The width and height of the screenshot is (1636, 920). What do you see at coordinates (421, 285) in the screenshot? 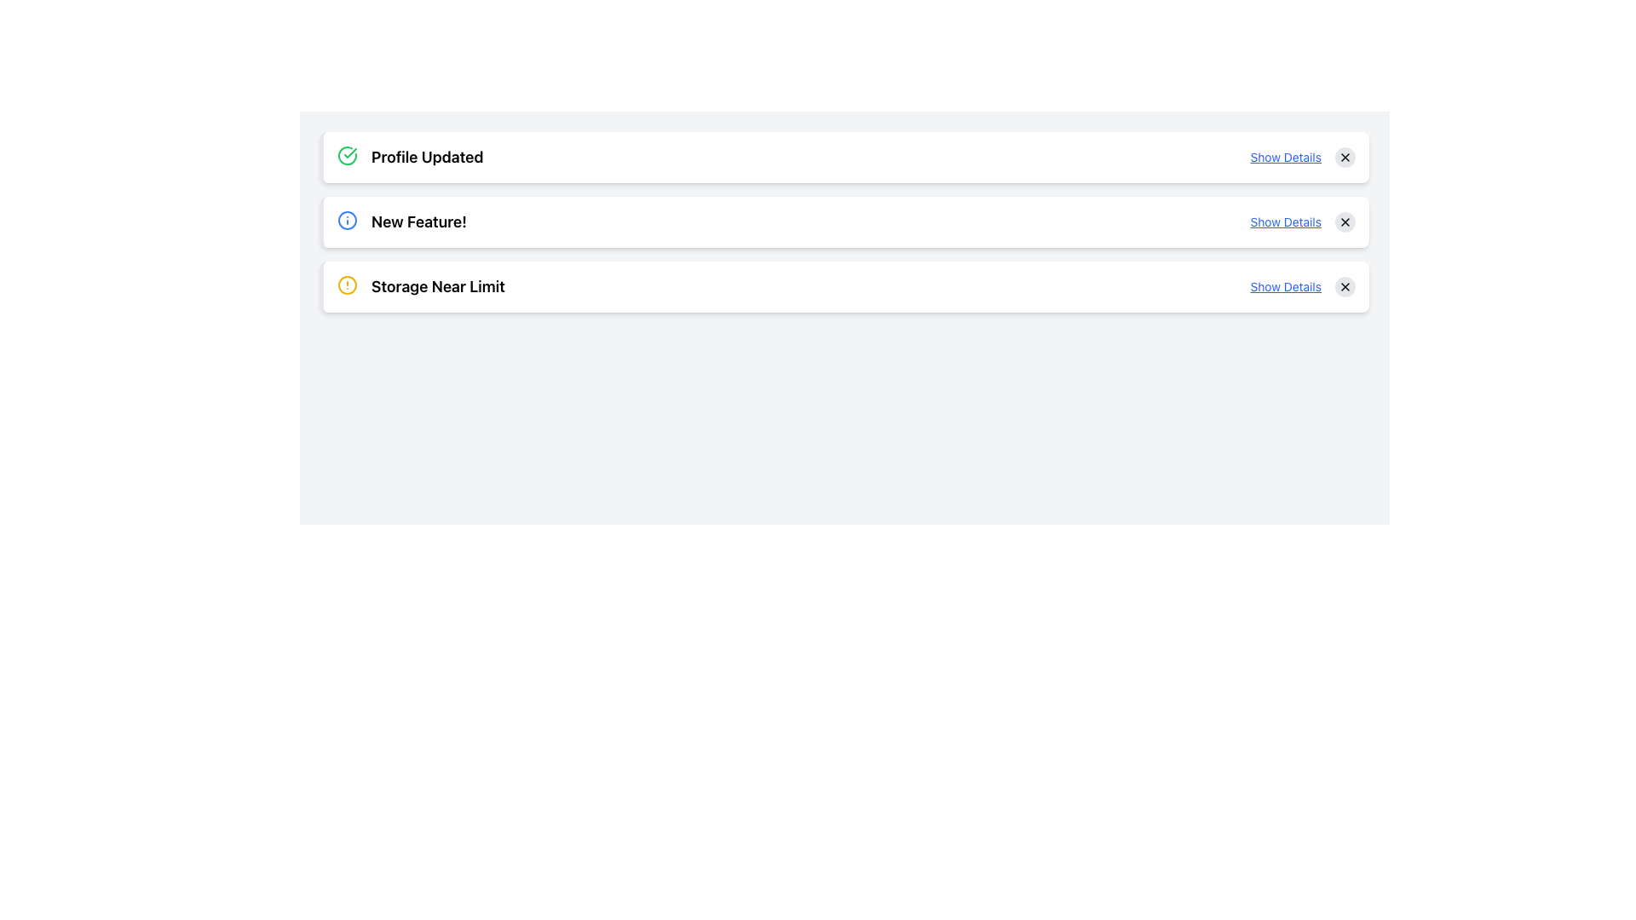
I see `the informative label displaying 'Storage Near Limit' located in the third notification card from the top, positioned immediately to the right of the yellow alert icon` at bounding box center [421, 285].